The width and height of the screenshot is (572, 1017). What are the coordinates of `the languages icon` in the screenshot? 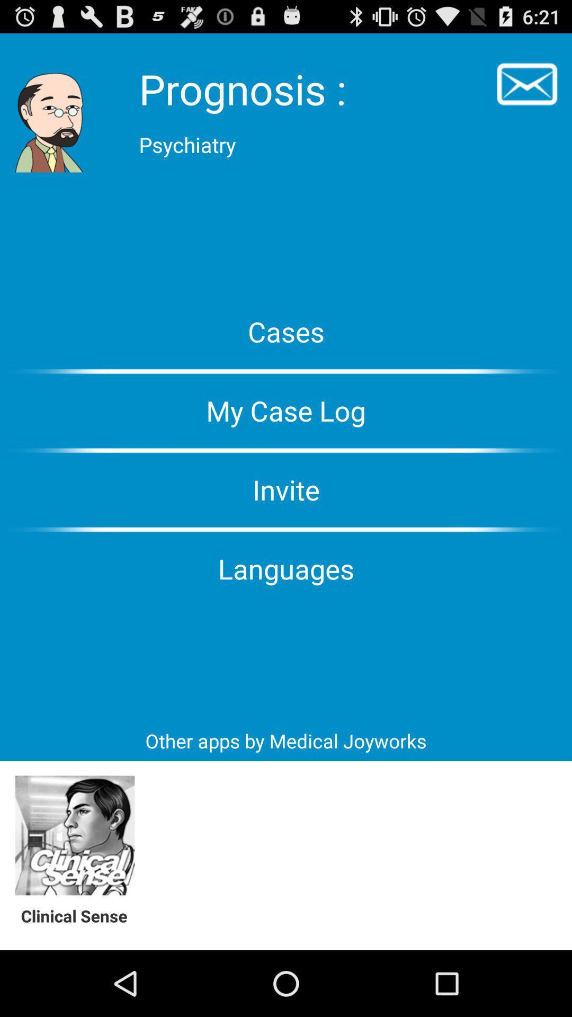 It's located at (286, 568).